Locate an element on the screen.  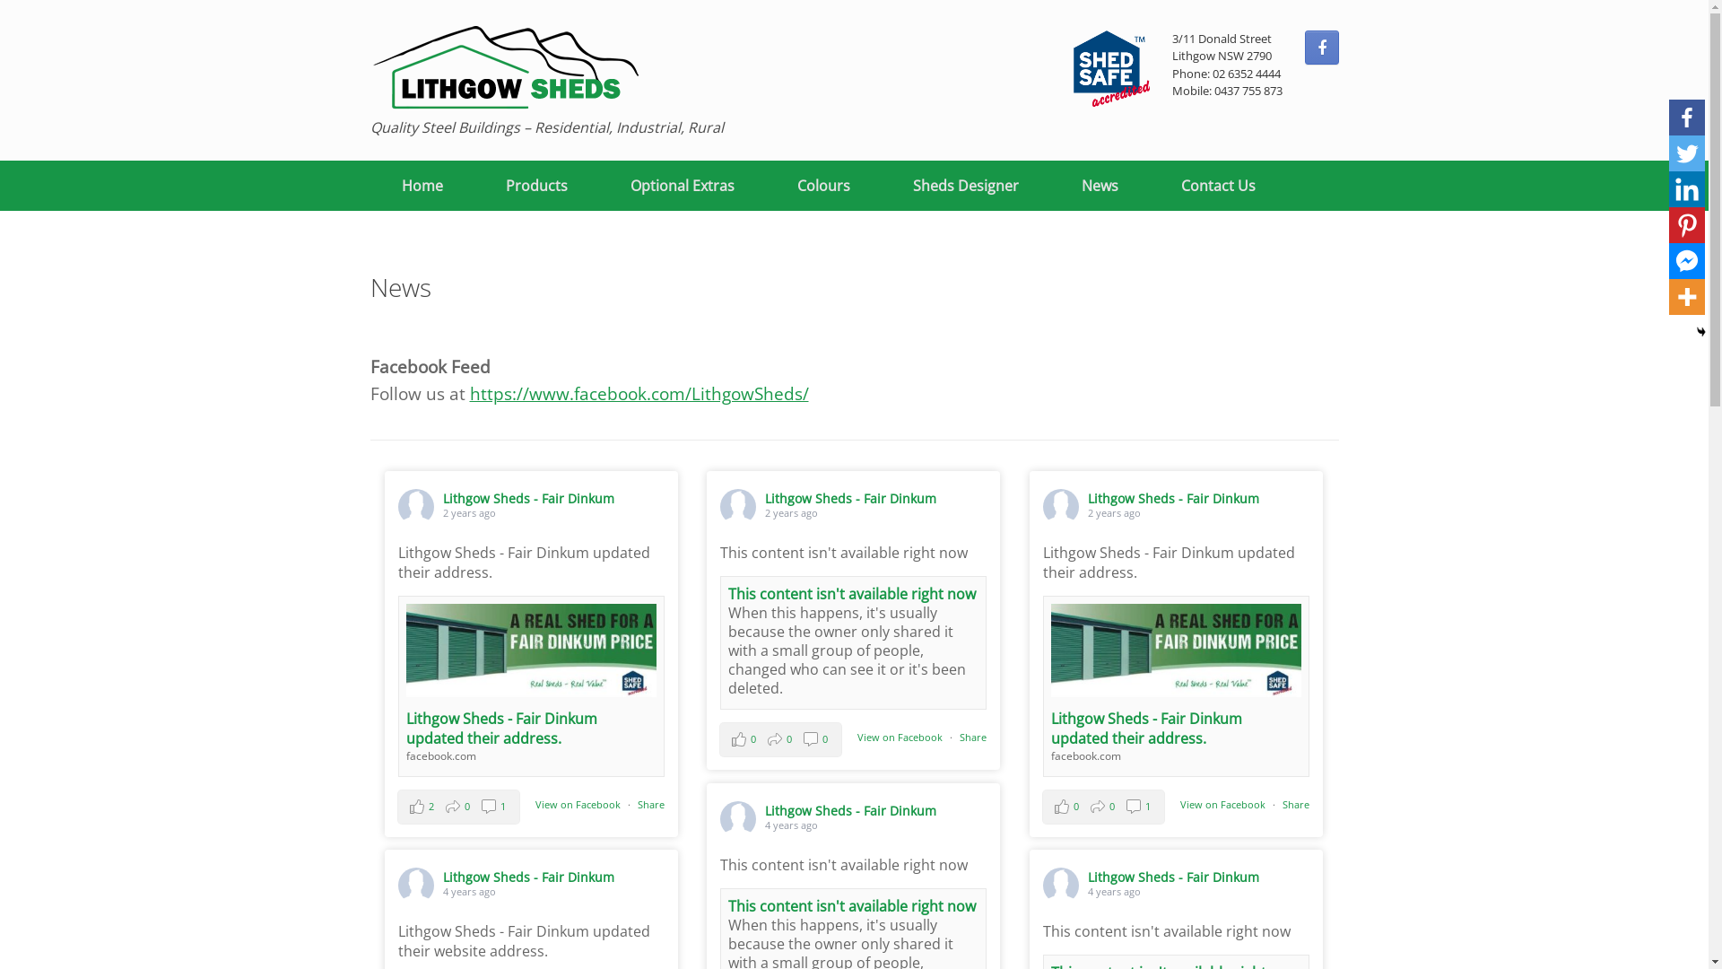
'Lithgow Sheds - Fair Dinkum' is located at coordinates (849, 810).